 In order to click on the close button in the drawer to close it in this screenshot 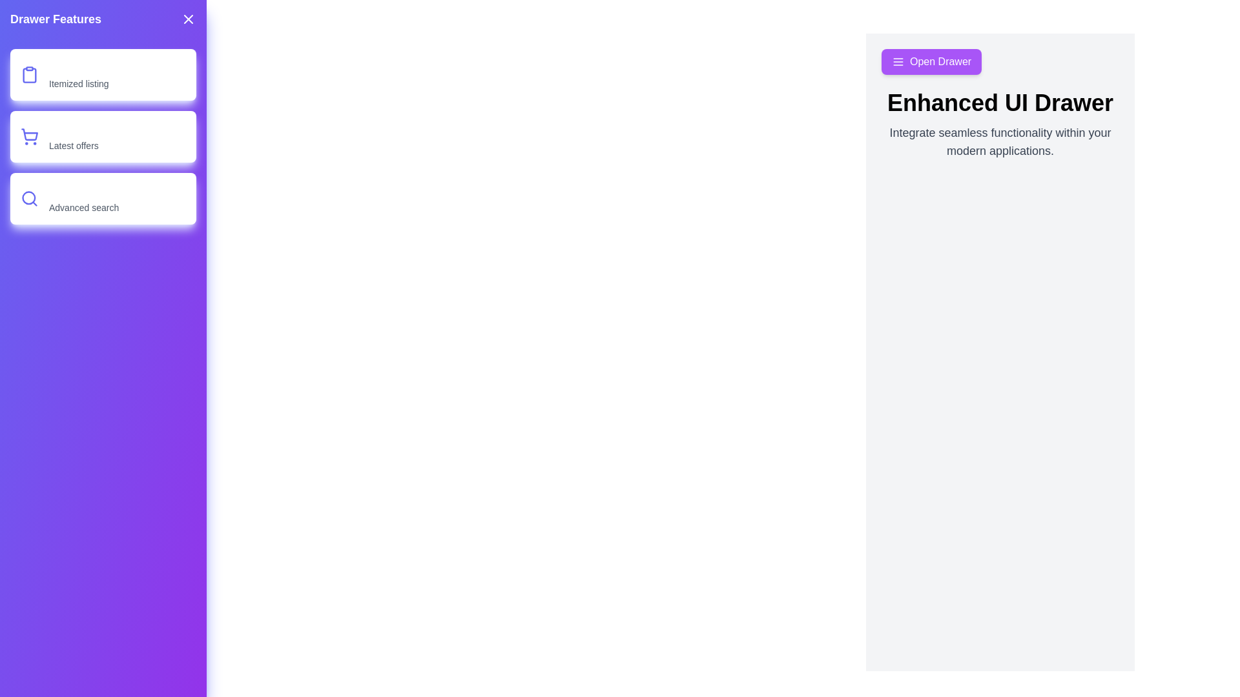, I will do `click(188, 19)`.